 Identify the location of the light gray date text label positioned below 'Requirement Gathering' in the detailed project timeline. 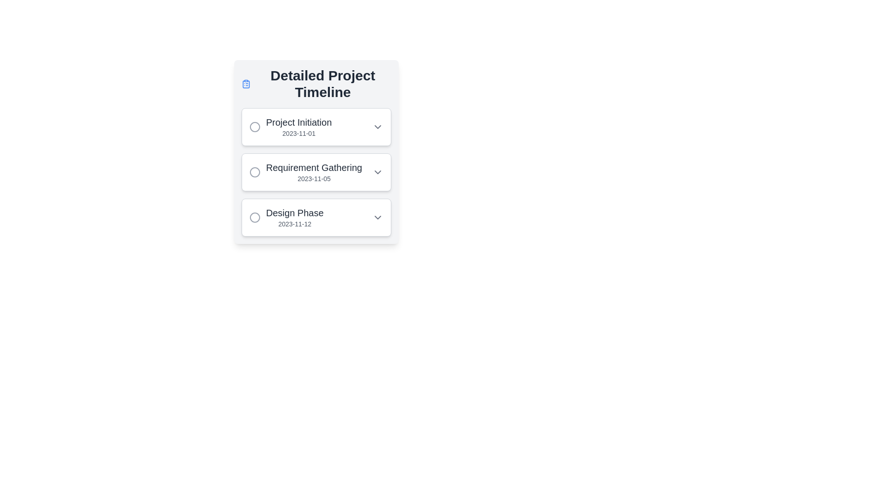
(314, 178).